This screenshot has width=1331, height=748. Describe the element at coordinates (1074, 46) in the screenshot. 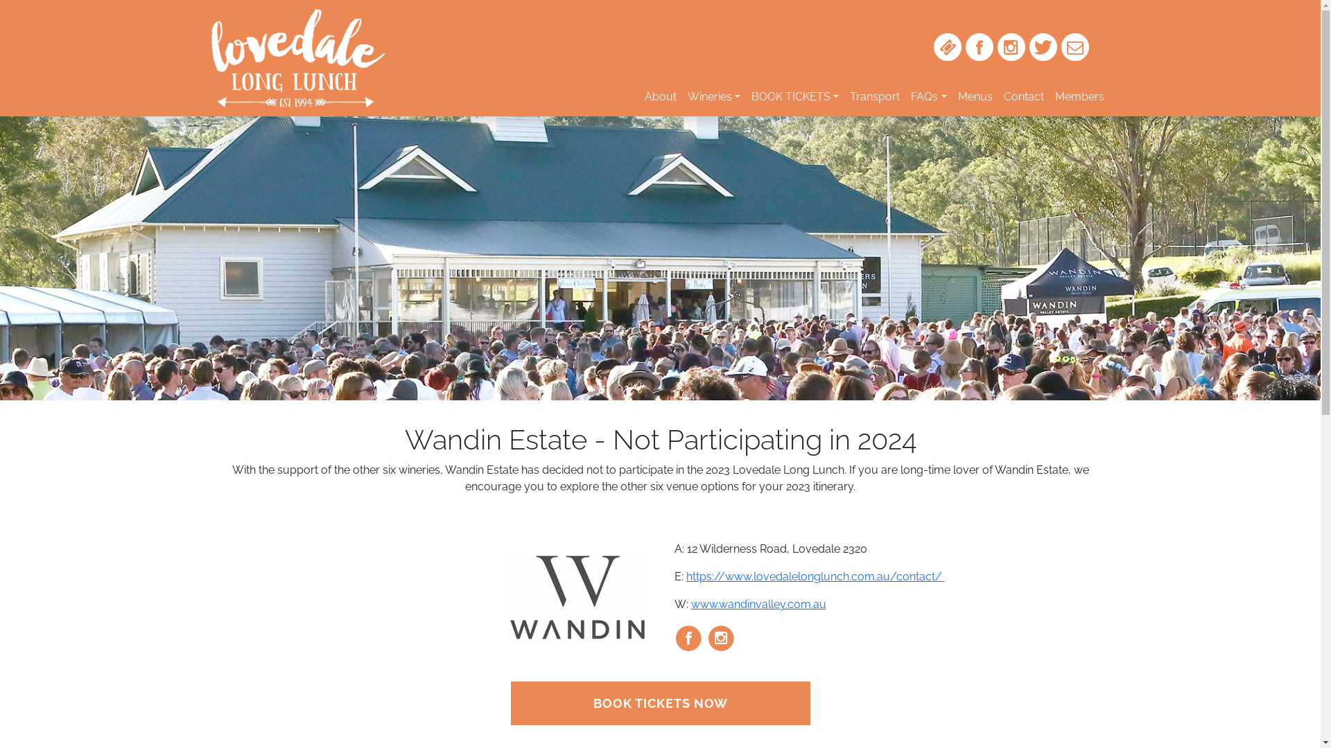

I see `'Sign up to our newsletter'` at that location.